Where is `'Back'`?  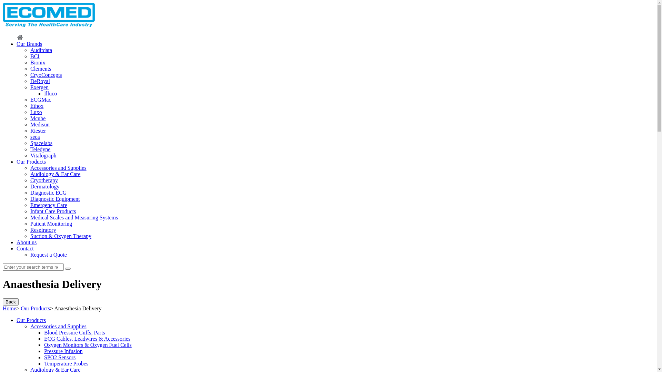 'Back' is located at coordinates (10, 301).